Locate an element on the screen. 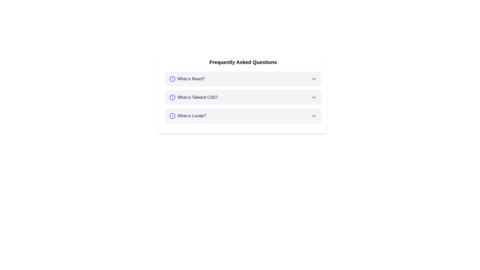  the small octagonal icon with a blue stroke and an alert mark, which is positioned to the left of the question text 'What is Tailwind CSS?' is located at coordinates (172, 97).